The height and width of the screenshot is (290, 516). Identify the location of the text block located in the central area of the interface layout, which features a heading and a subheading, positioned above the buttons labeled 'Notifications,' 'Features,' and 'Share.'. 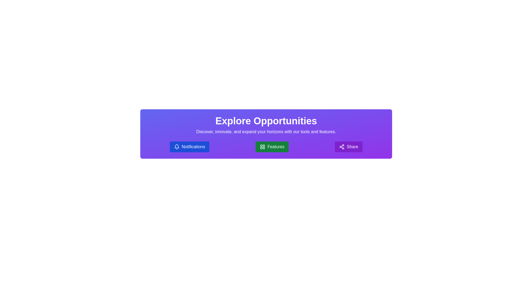
(266, 125).